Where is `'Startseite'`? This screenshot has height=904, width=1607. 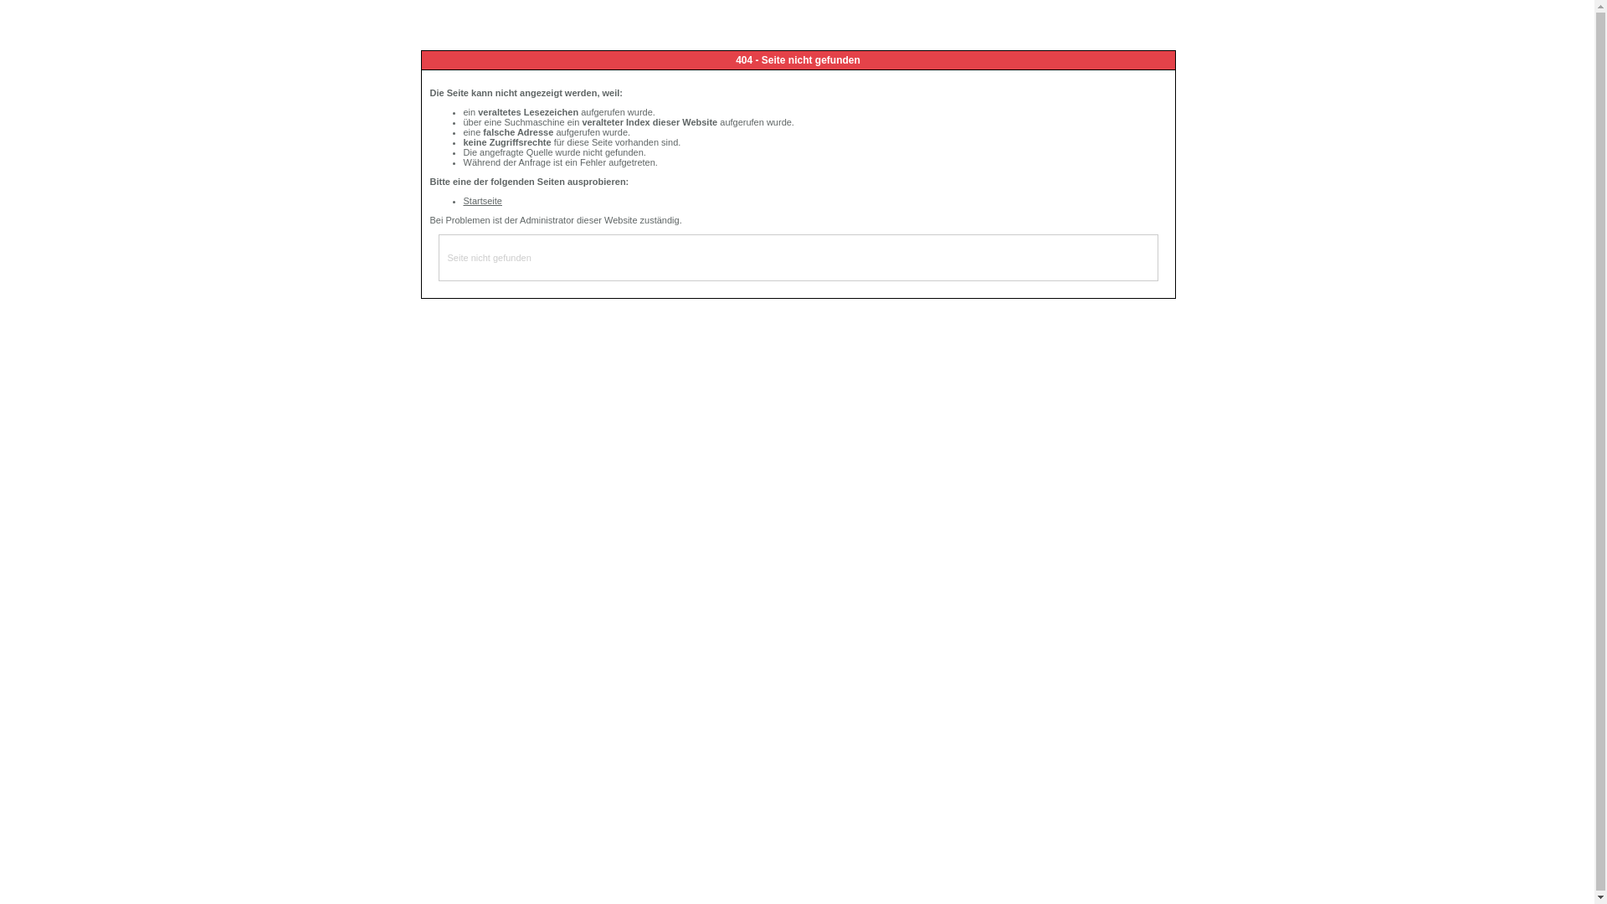
'Startseite' is located at coordinates (481, 199).